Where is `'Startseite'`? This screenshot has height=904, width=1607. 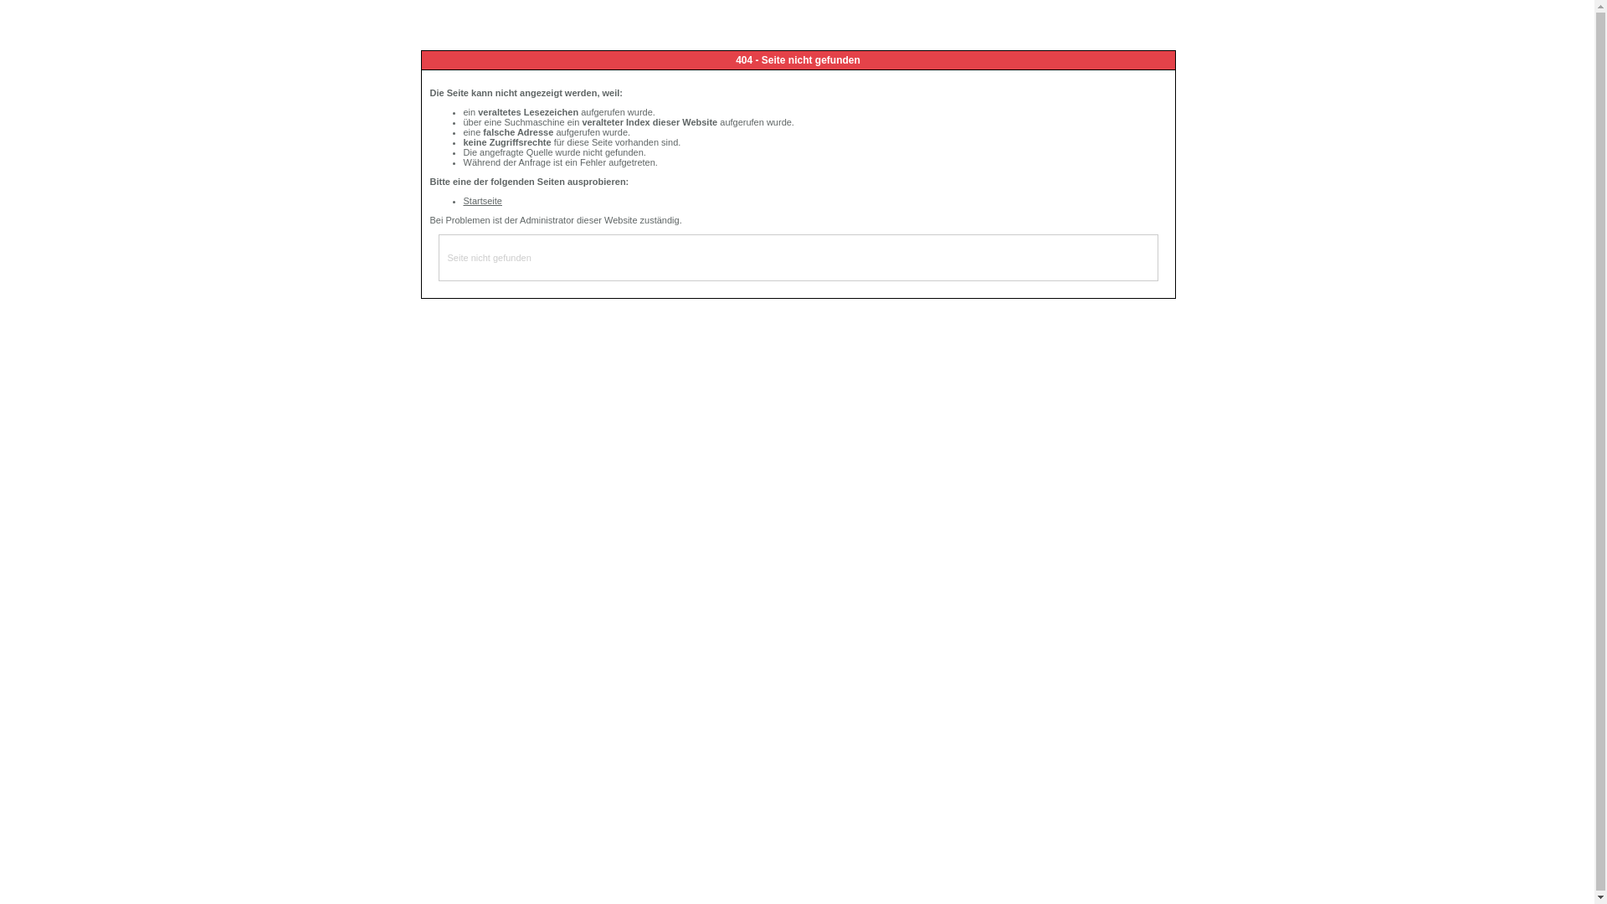
'Startseite' is located at coordinates (481, 199).